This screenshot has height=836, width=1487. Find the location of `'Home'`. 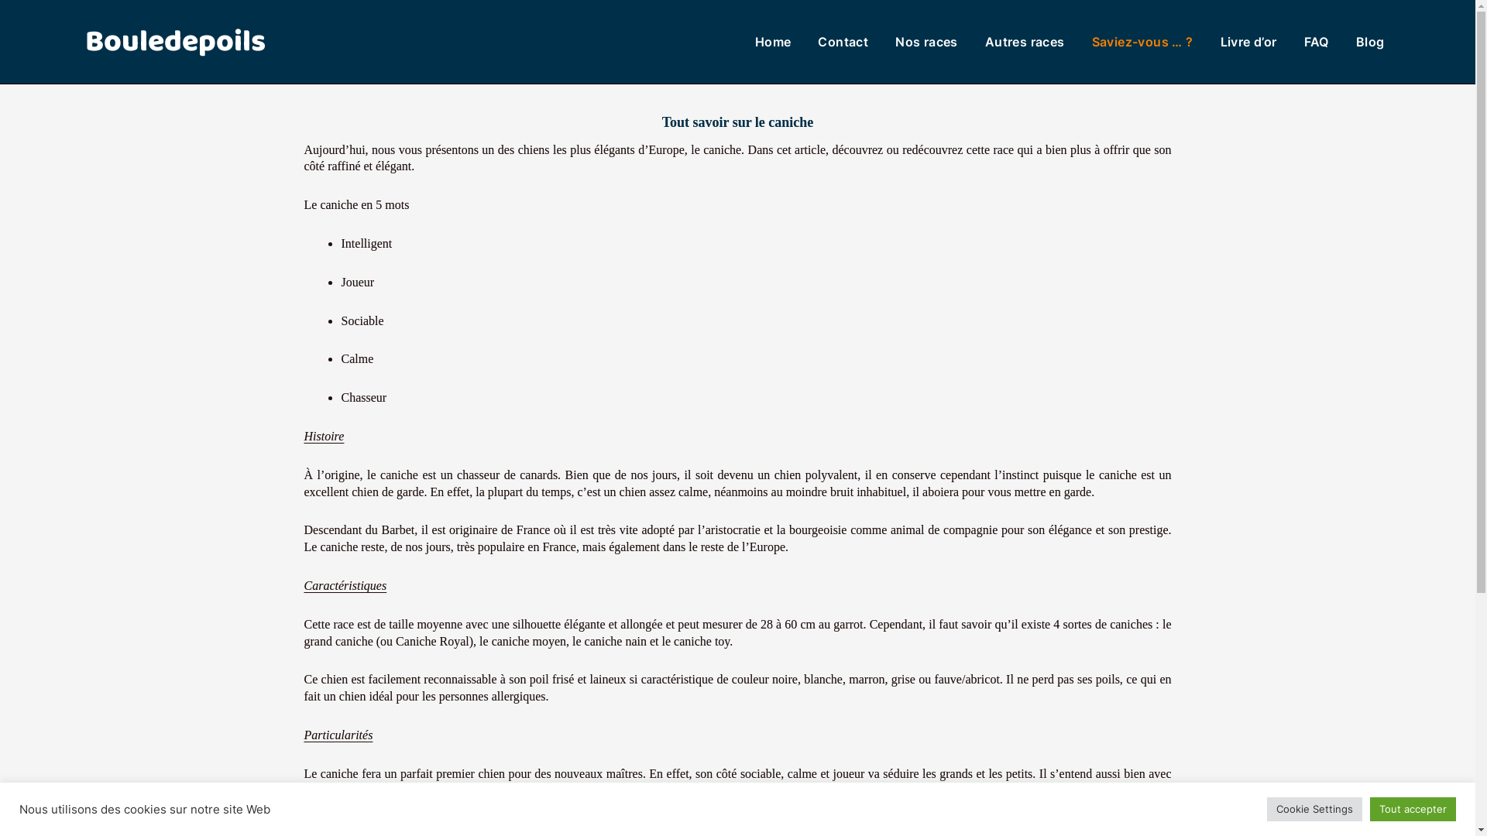

'Home' is located at coordinates (773, 41).